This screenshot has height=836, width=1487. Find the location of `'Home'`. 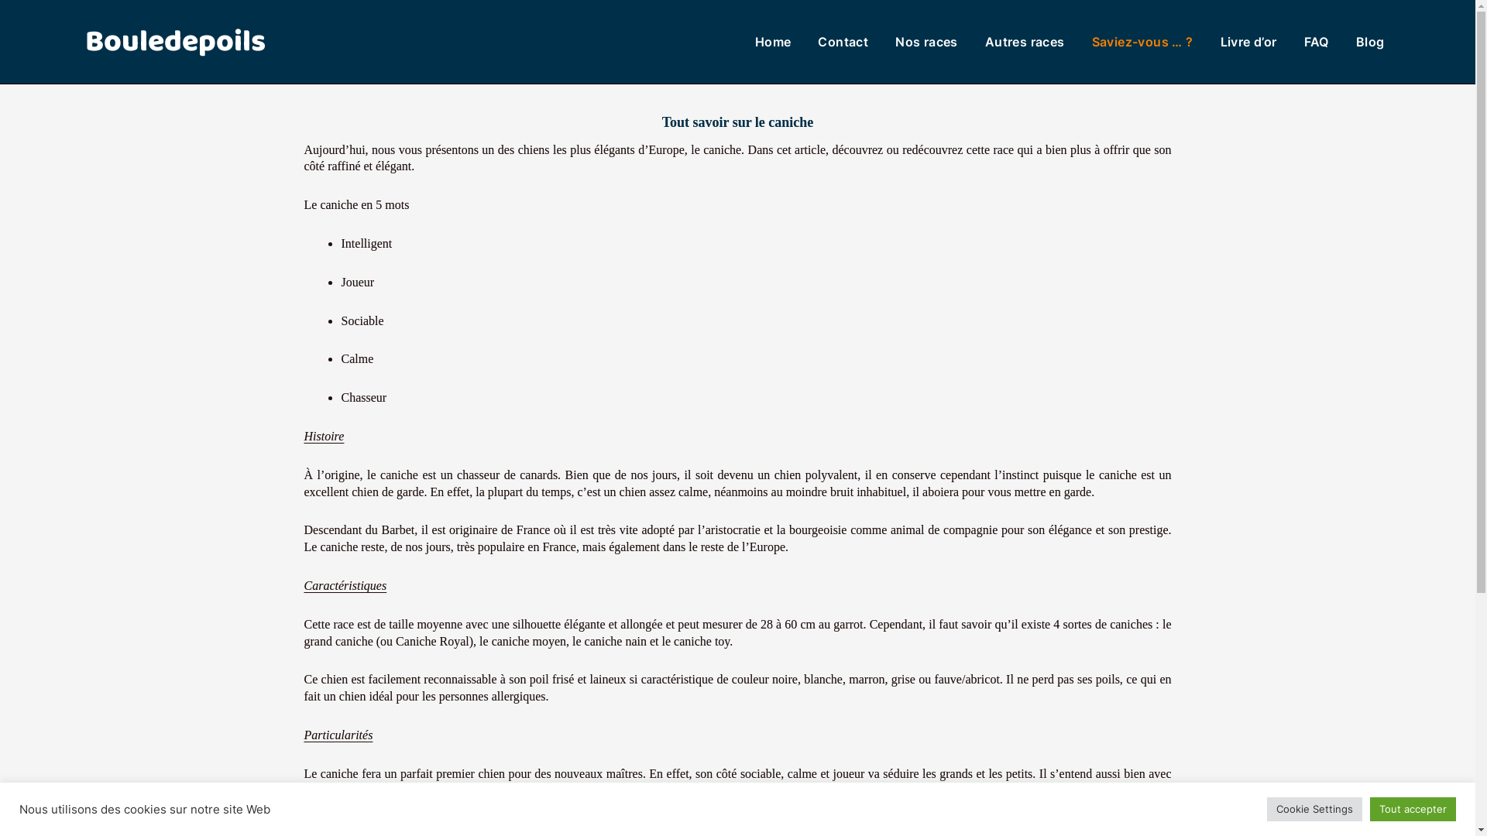

'Home' is located at coordinates (773, 41).